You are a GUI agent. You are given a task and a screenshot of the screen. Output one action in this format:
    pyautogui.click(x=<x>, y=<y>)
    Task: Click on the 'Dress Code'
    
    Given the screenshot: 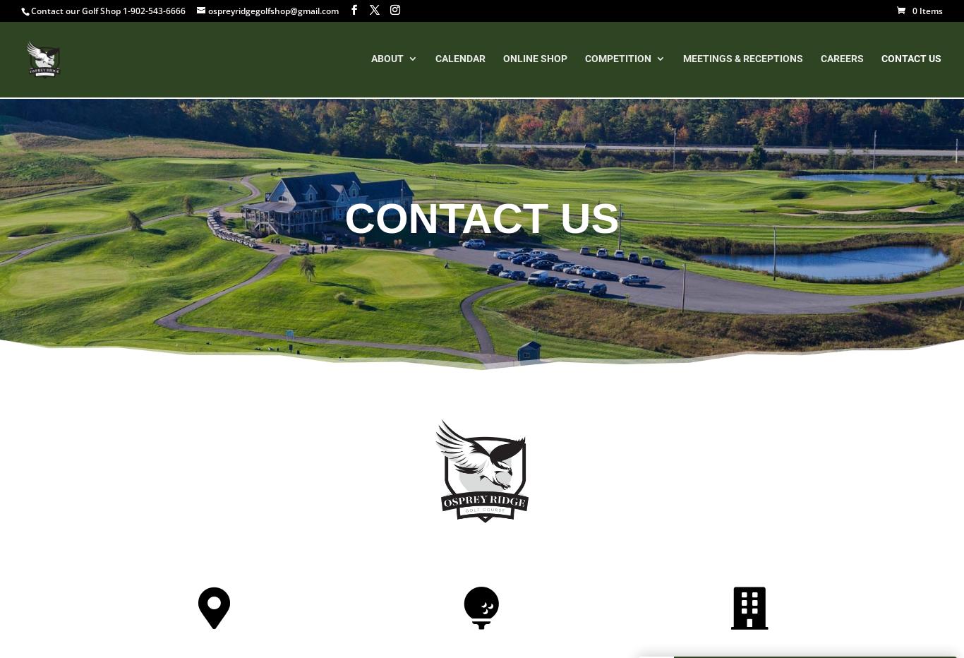 What is the action you would take?
    pyautogui.click(x=428, y=375)
    